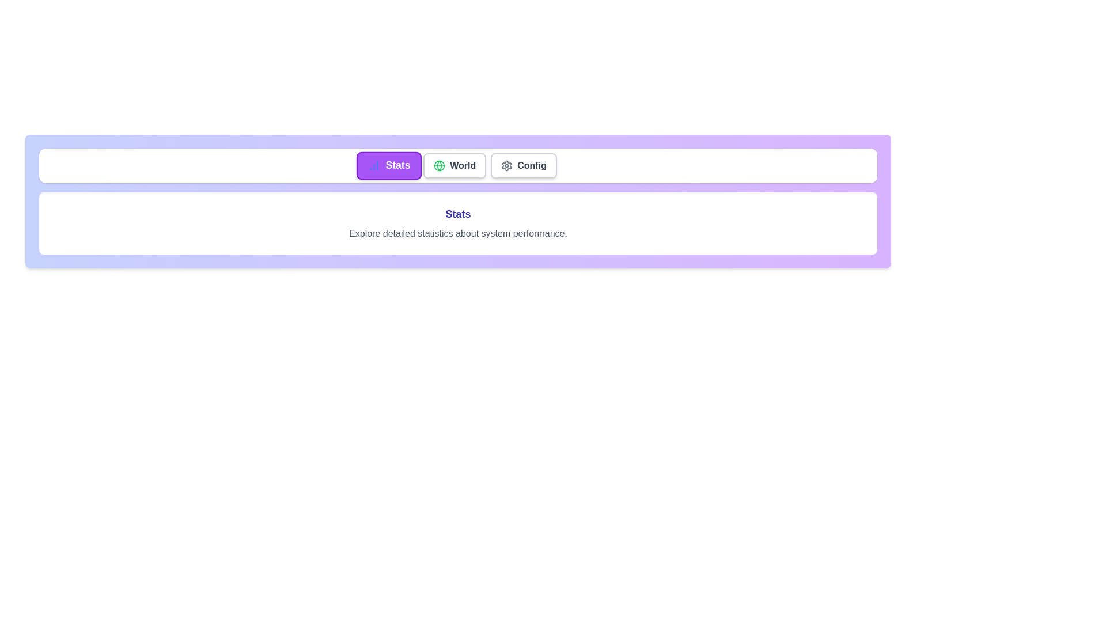  Describe the element at coordinates (522, 166) in the screenshot. I see `the tab labeled Config` at that location.